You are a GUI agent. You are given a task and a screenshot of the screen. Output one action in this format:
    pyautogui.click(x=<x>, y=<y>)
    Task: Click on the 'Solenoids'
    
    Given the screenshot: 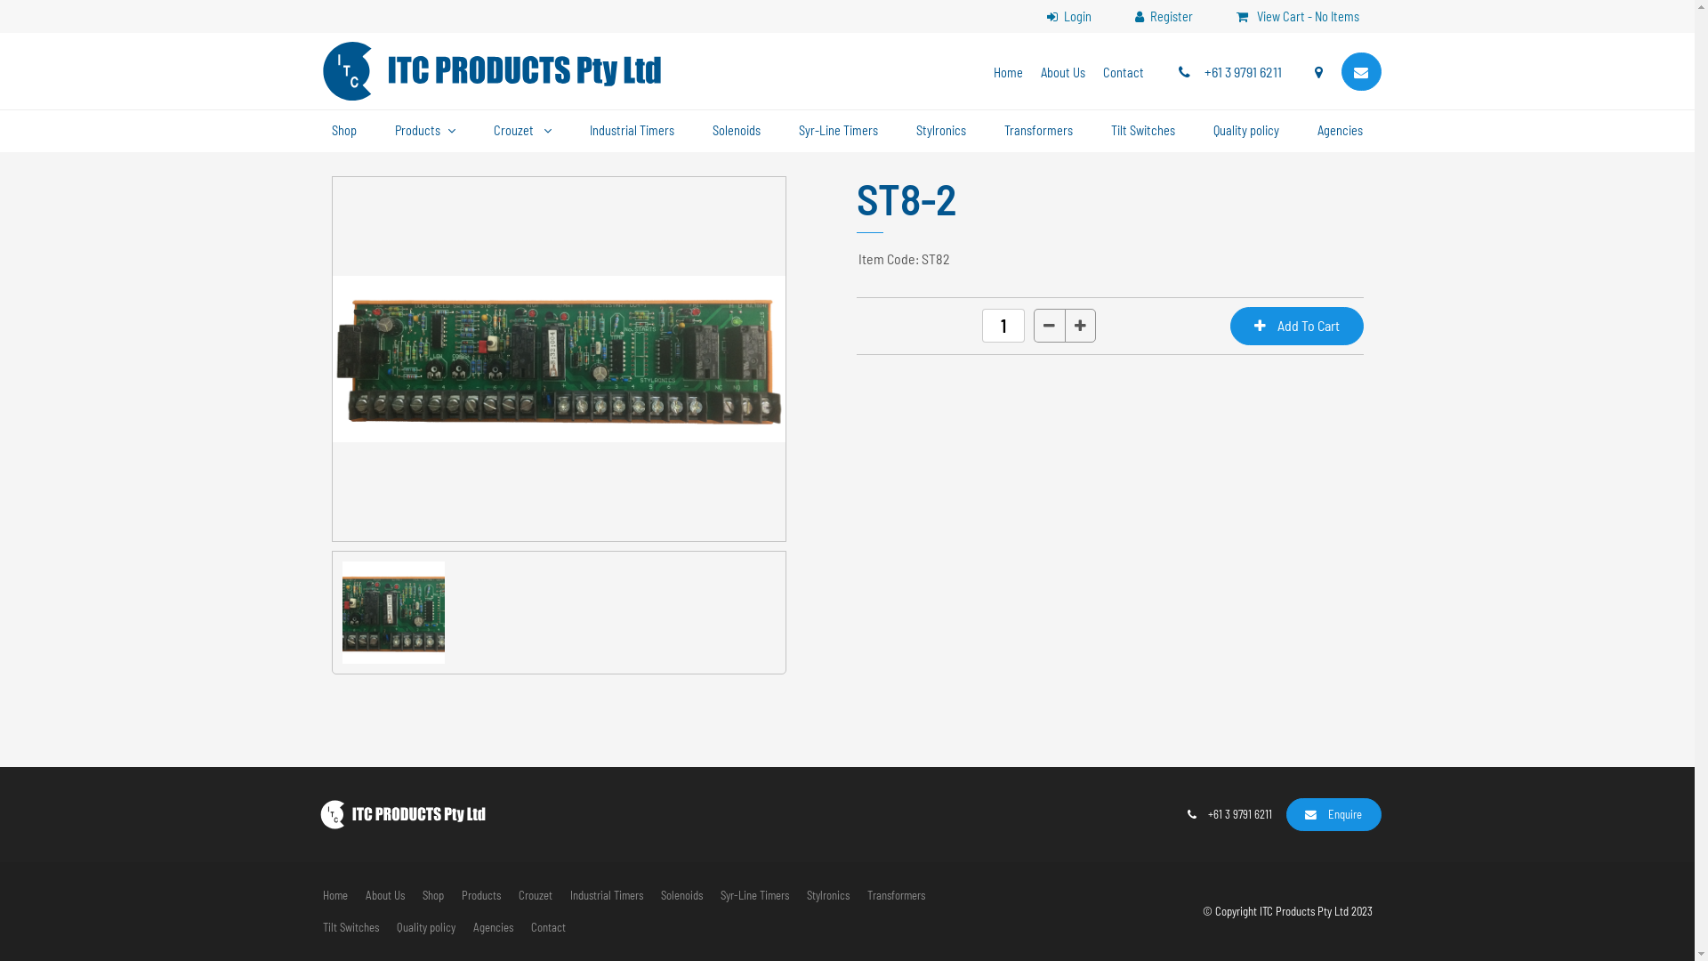 What is the action you would take?
    pyautogui.click(x=649, y=895)
    